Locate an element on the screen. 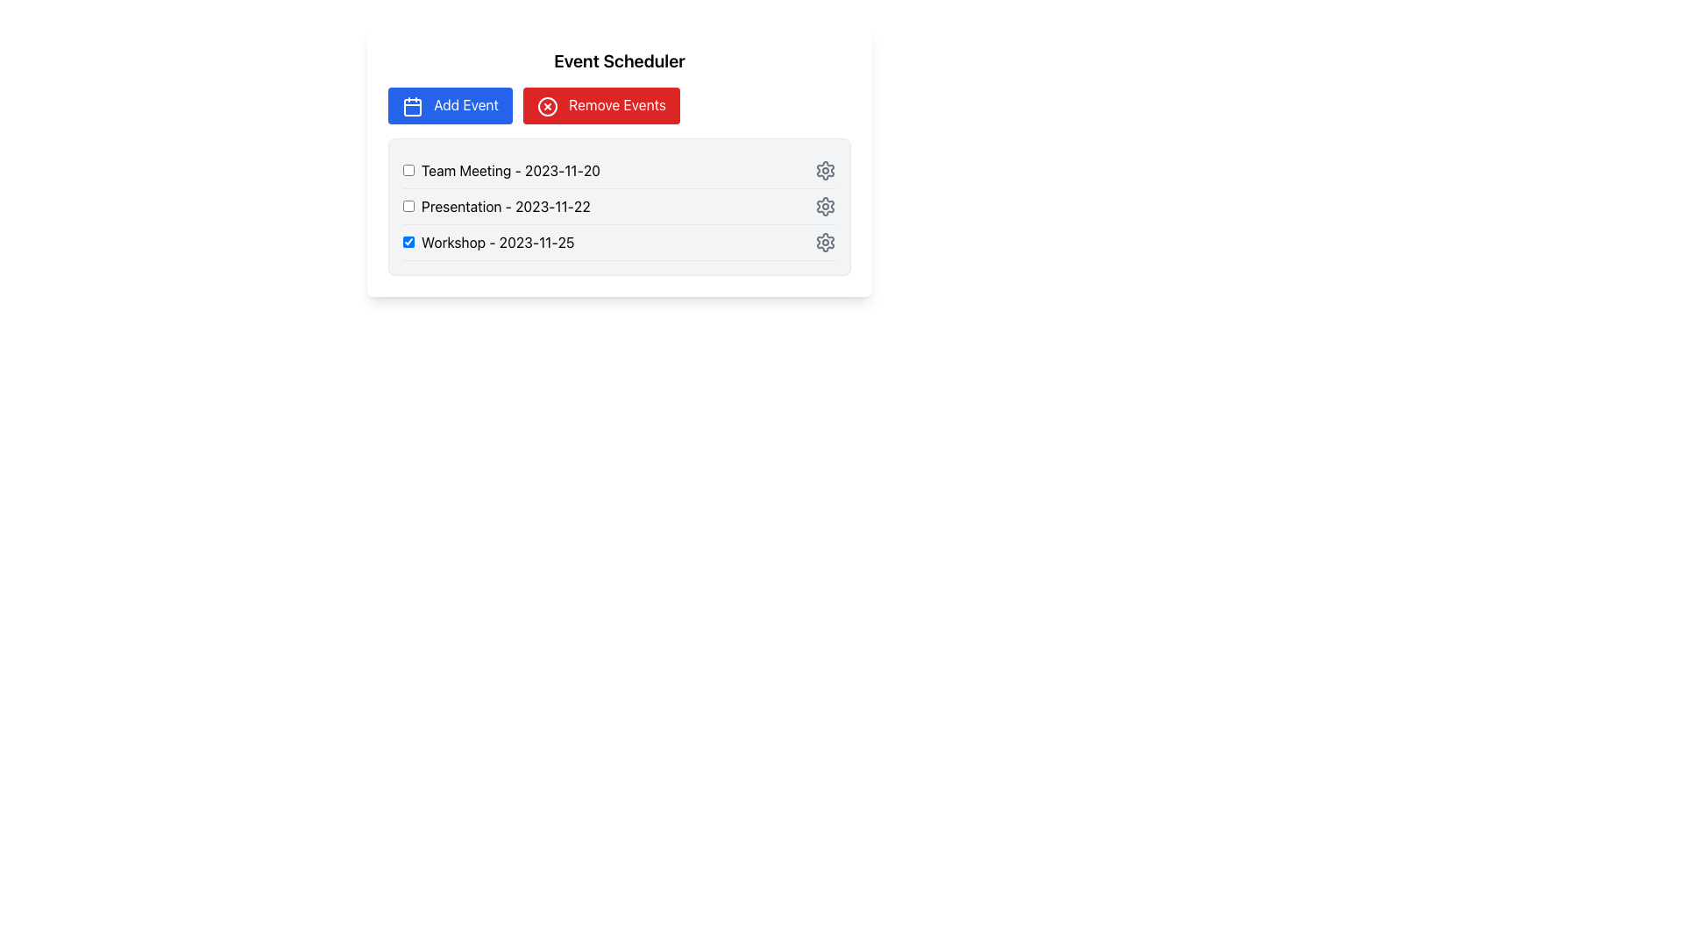 This screenshot has width=1683, height=946. the checkbox at the beginning of the 'Team Meeting - 2023-11-20' row in the Event Scheduler to mark it as selected is located at coordinates (408, 170).